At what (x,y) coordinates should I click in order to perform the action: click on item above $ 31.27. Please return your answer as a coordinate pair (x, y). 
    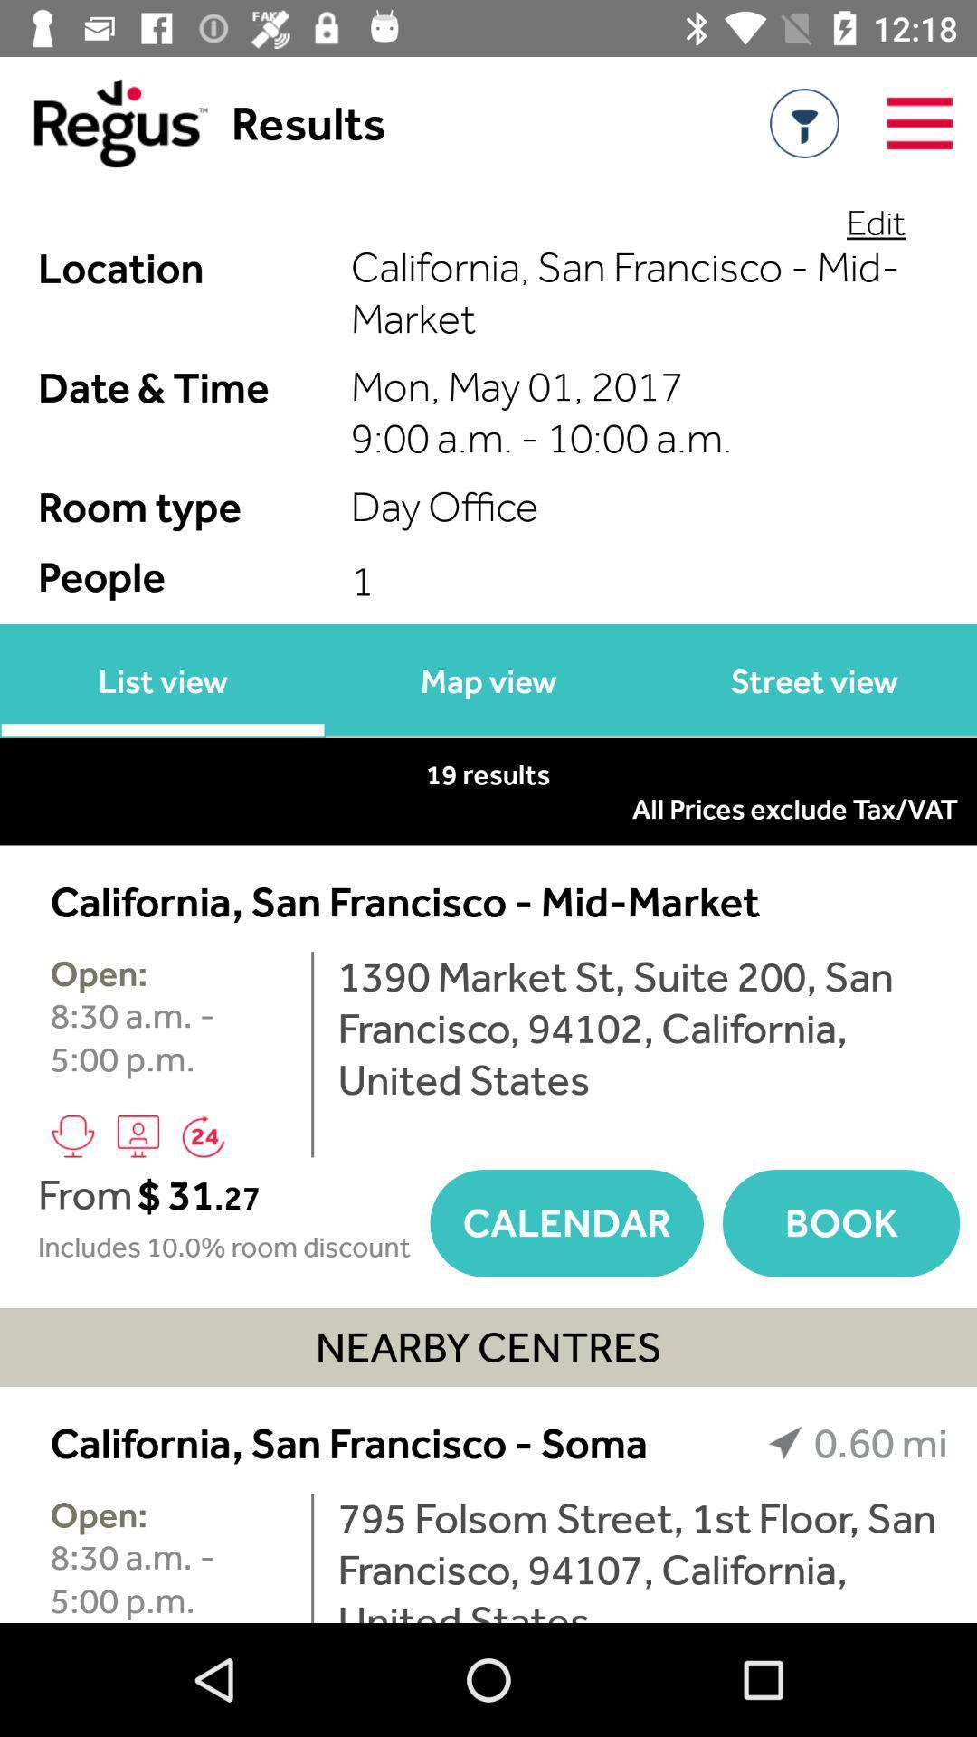
    Looking at the image, I should click on (203, 1135).